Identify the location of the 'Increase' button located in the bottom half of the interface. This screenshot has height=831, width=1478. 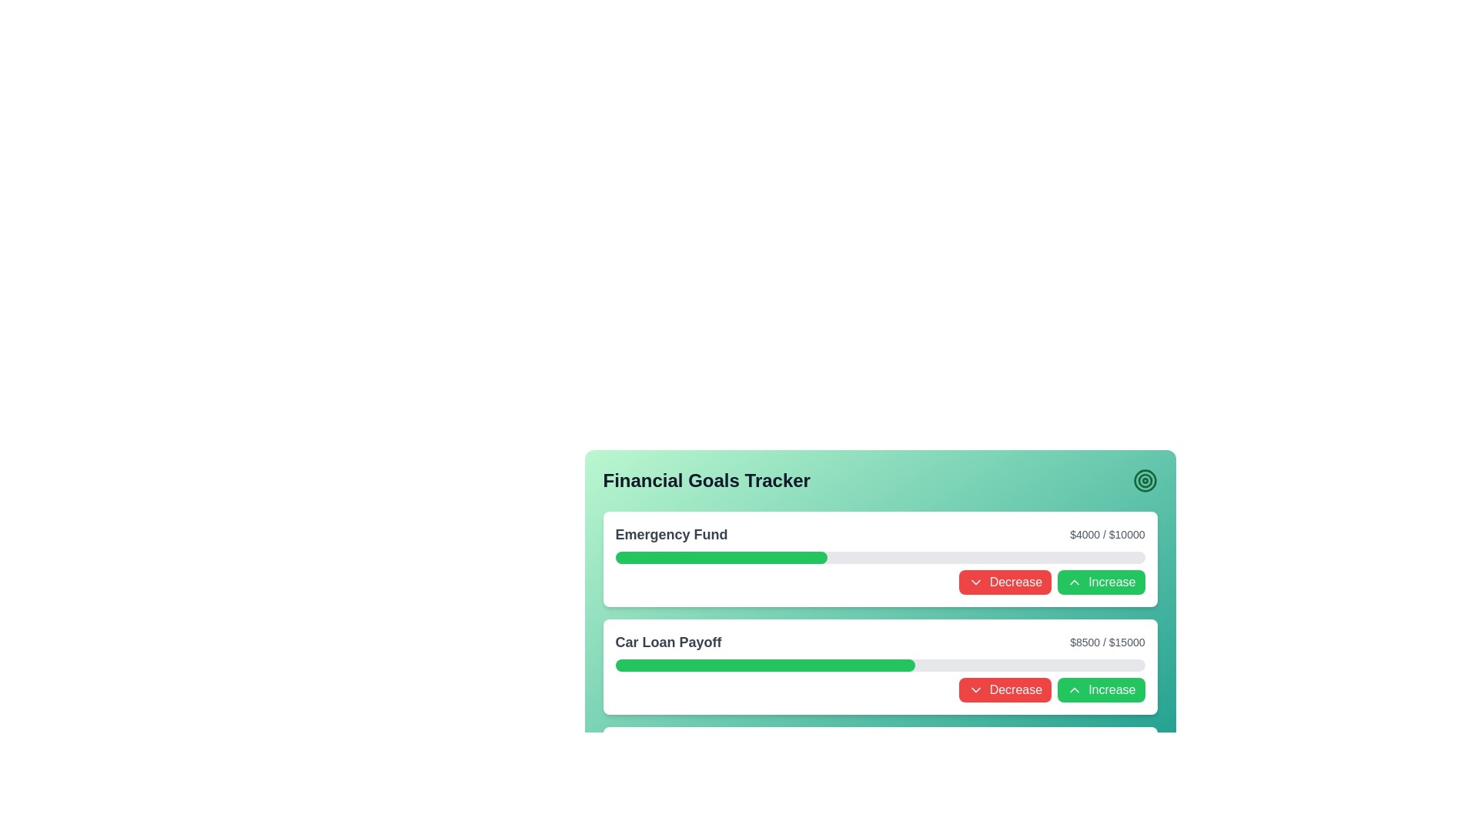
(1100, 689).